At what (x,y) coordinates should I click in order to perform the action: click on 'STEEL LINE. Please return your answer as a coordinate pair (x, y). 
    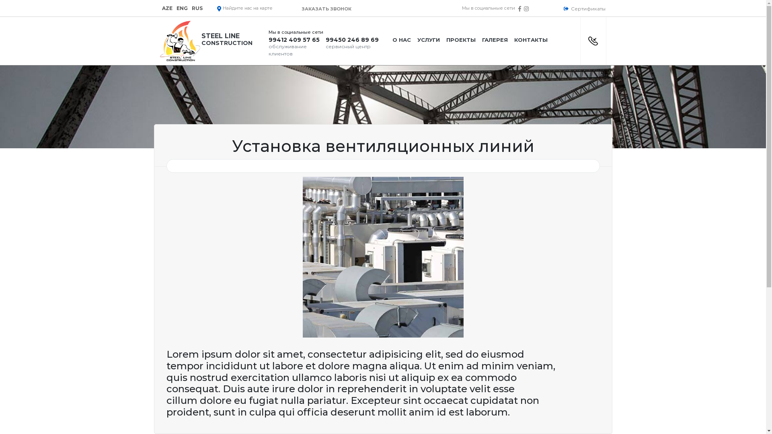
    Looking at the image, I should click on (211, 41).